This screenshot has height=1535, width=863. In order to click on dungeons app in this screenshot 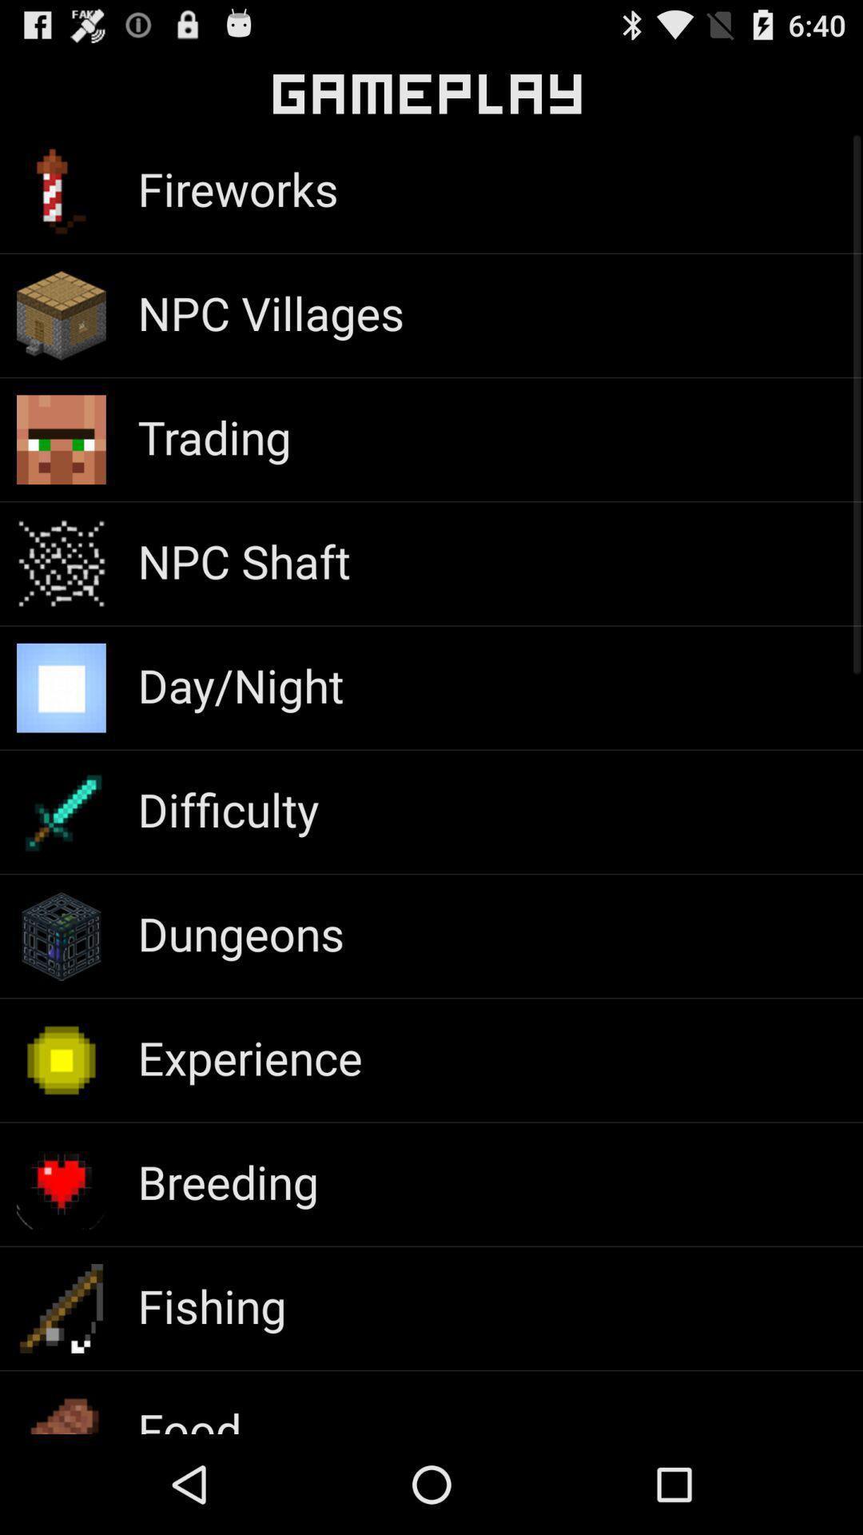, I will do `click(241, 933)`.